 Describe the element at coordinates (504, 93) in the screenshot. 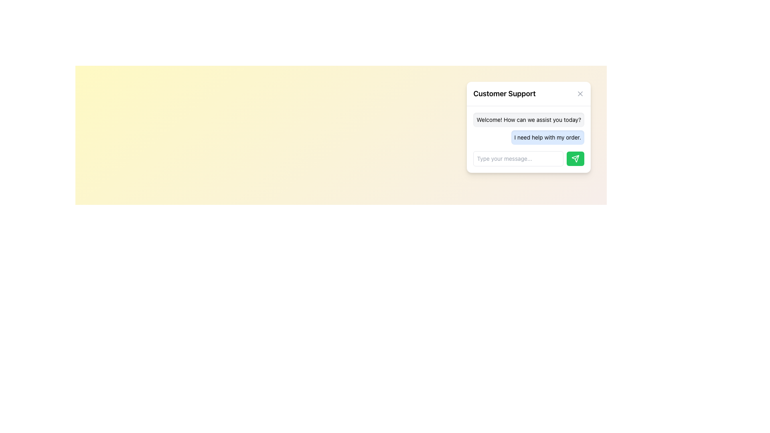

I see `the Text Label that serves as the title for the chat window indicating customer support` at that location.